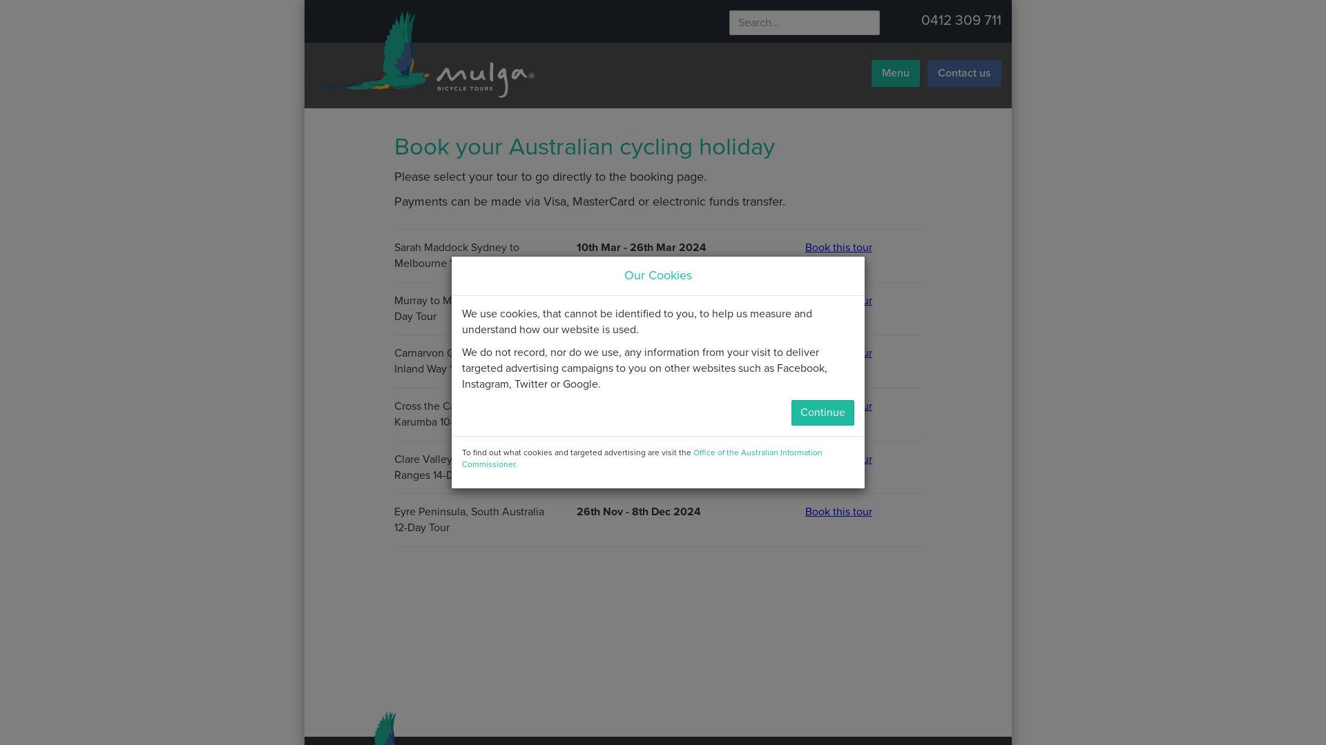 Image resolution: width=1326 pixels, height=745 pixels. I want to click on 'Menu', so click(871, 73).